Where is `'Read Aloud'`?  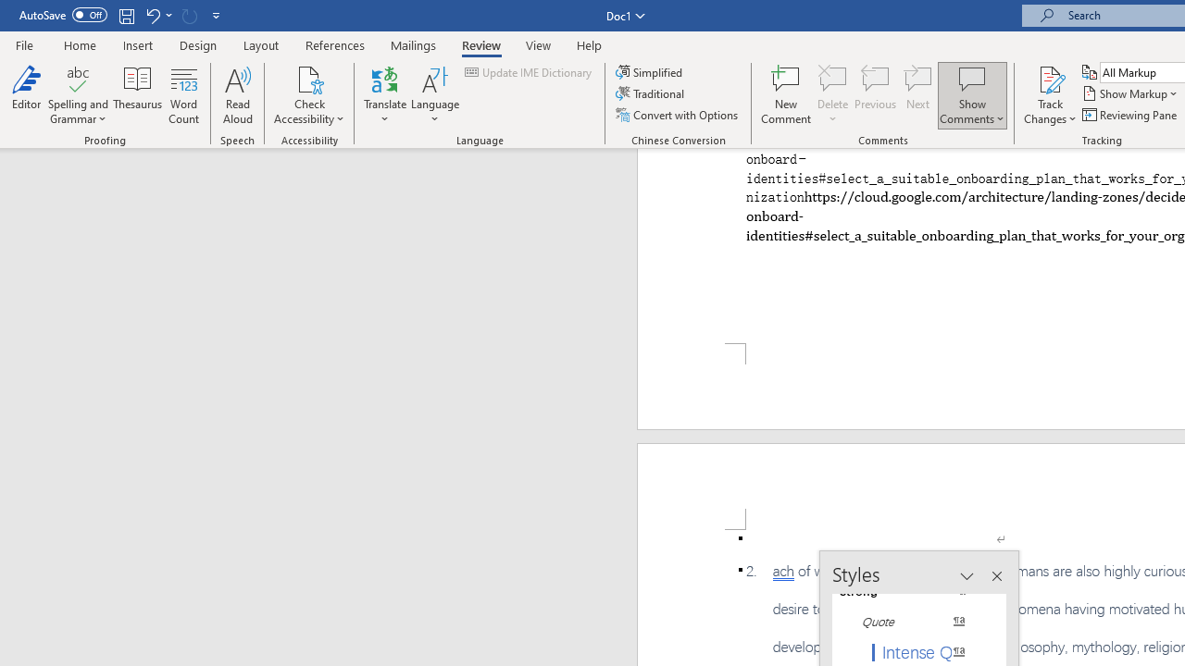
'Read Aloud' is located at coordinates (236, 95).